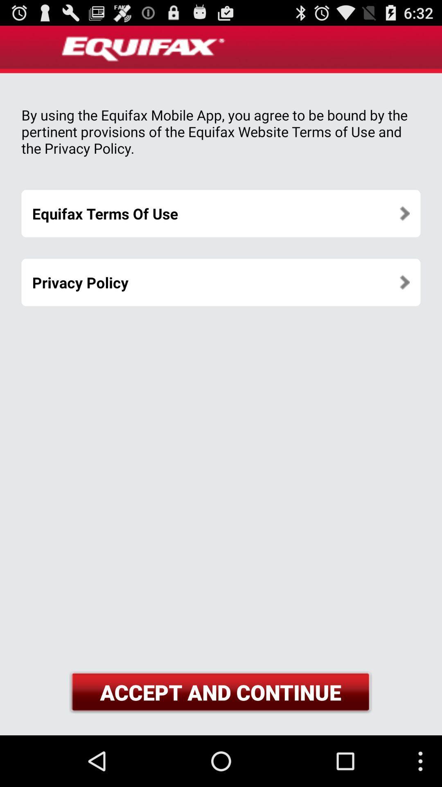 This screenshot has height=787, width=442. I want to click on accept and continue button, so click(220, 692).